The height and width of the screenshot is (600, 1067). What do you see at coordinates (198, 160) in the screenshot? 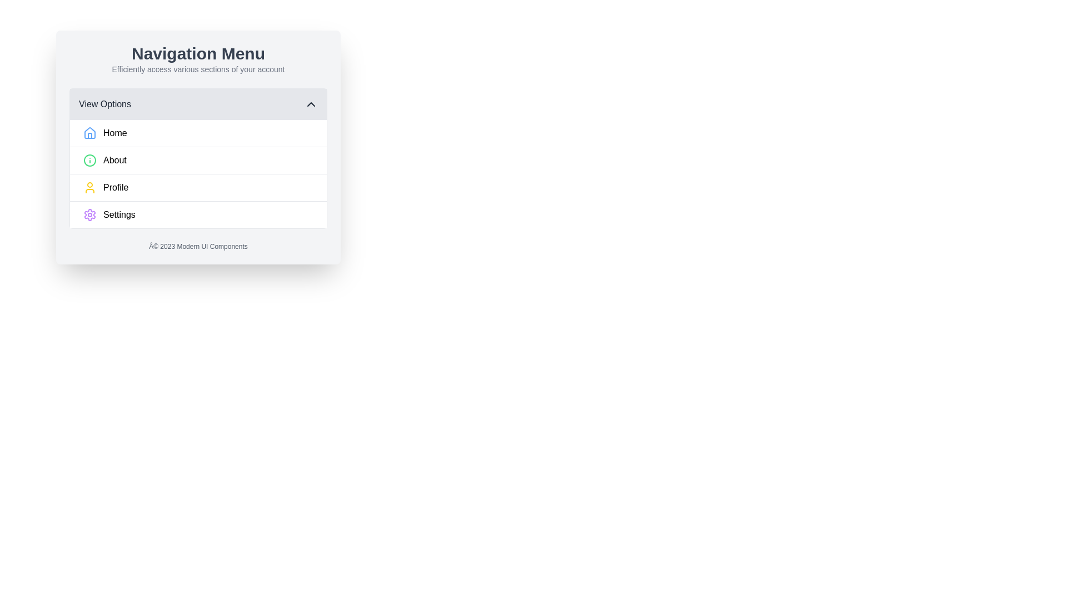
I see `the second navigation menu option under 'View Options'` at bounding box center [198, 160].